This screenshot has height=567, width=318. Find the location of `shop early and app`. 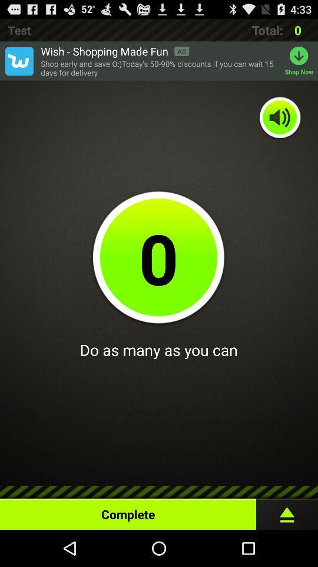

shop early and app is located at coordinates (159, 68).